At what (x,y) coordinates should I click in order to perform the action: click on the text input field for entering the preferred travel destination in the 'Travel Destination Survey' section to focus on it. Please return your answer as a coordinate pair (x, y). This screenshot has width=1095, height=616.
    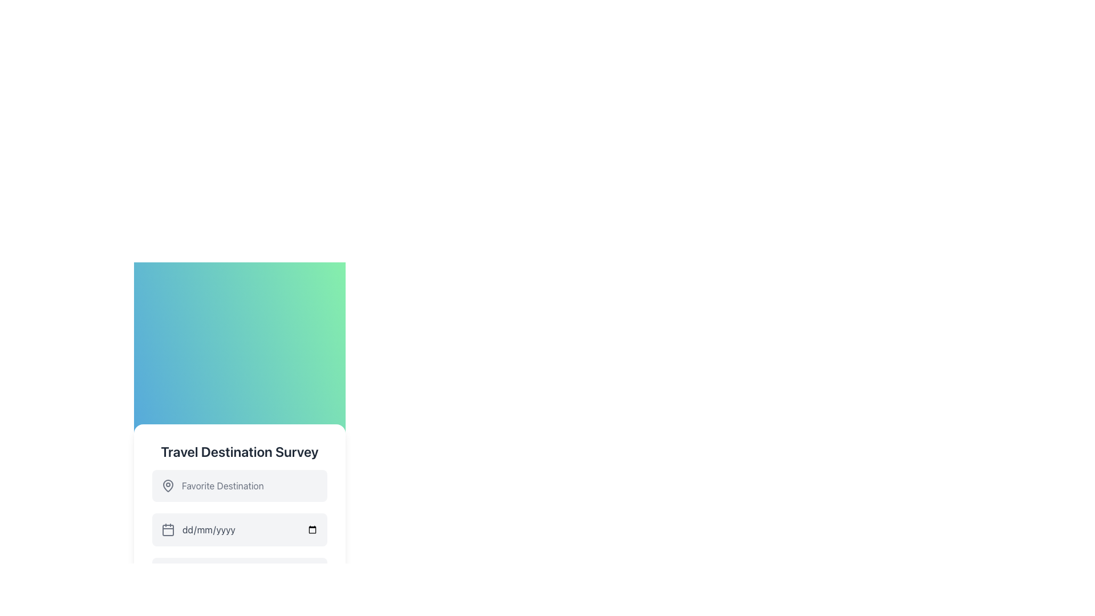
    Looking at the image, I should click on (239, 486).